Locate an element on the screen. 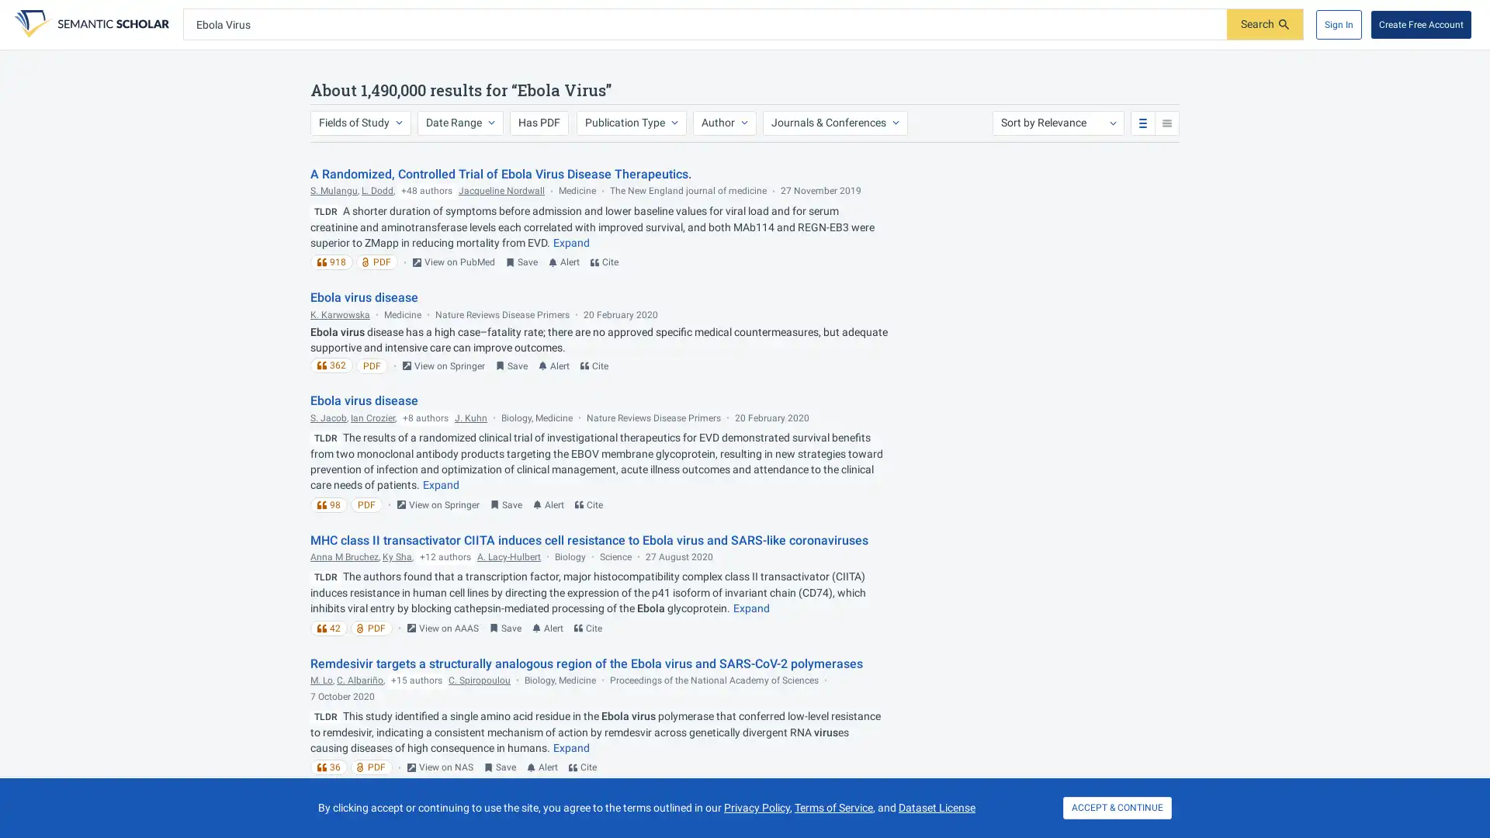  Turn on email alert for this paper is located at coordinates (548, 504).